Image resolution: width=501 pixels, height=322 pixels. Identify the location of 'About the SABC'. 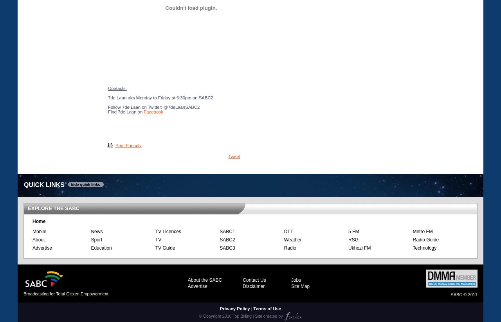
(187, 280).